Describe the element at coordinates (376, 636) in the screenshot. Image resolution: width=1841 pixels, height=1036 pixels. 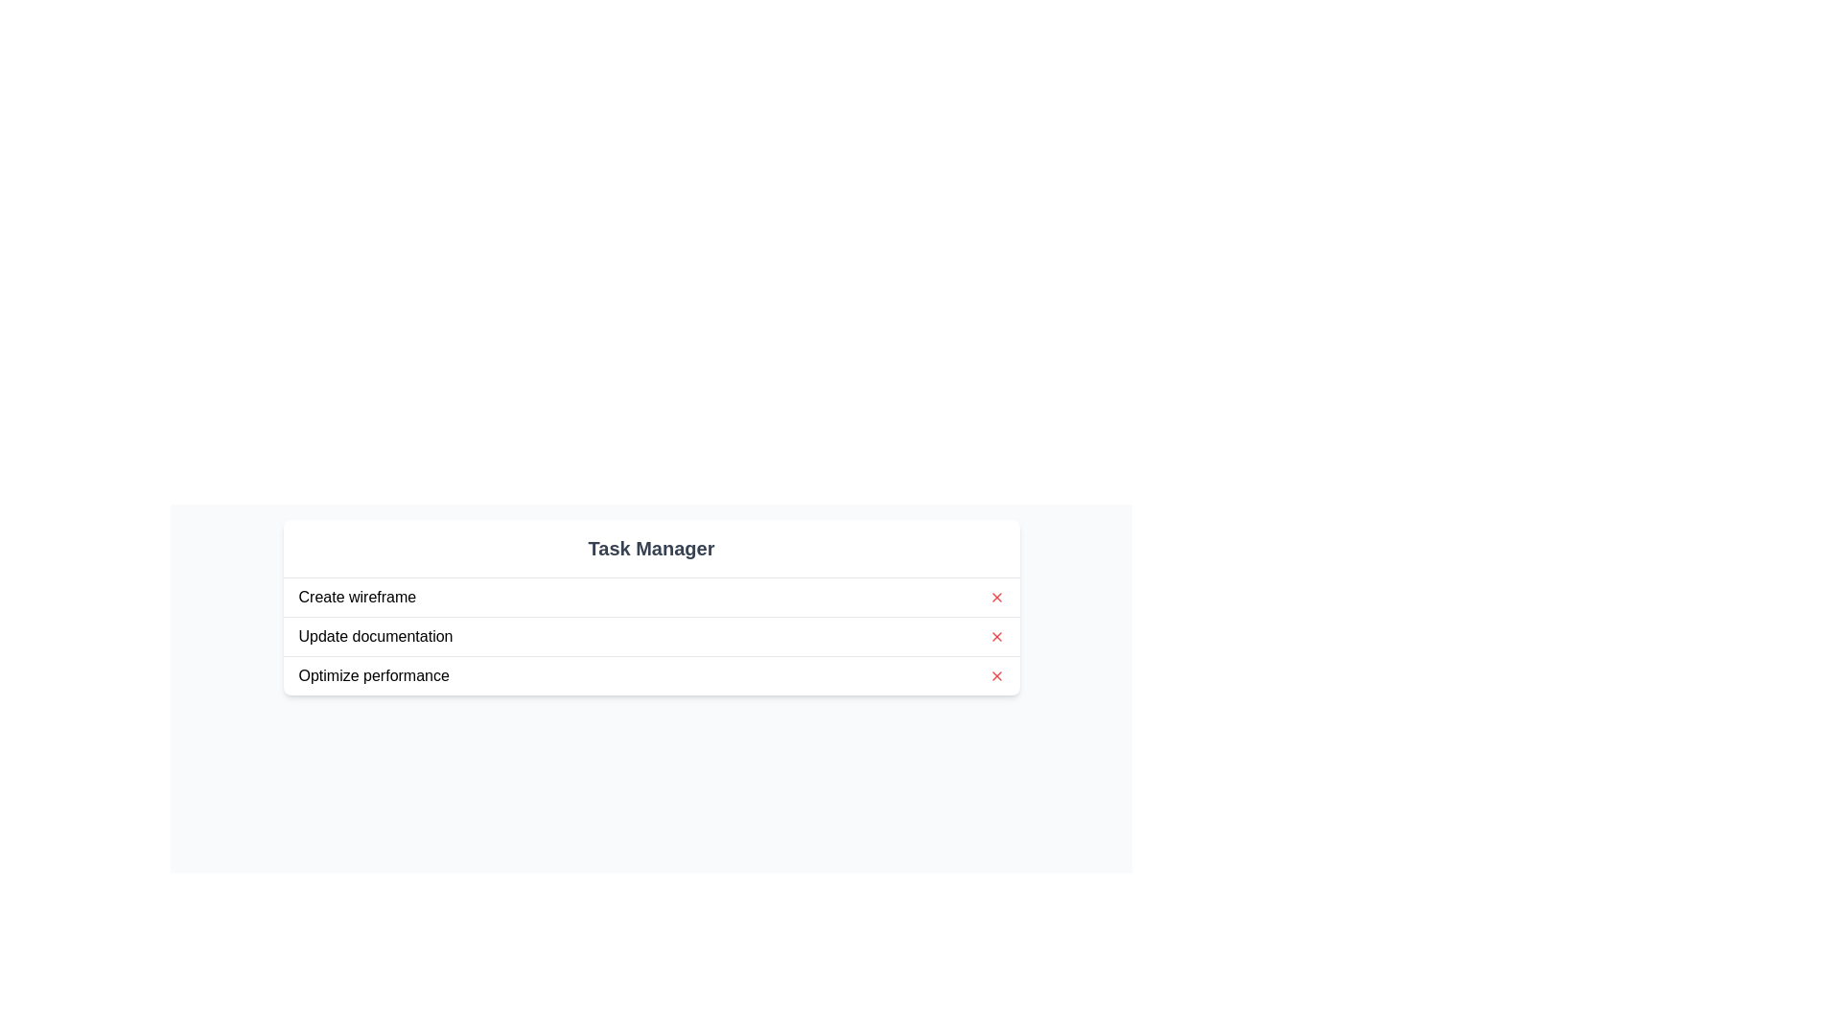
I see `the text label 'Update documentation' which is the second item in a task list within the 'Task Manager' card` at that location.